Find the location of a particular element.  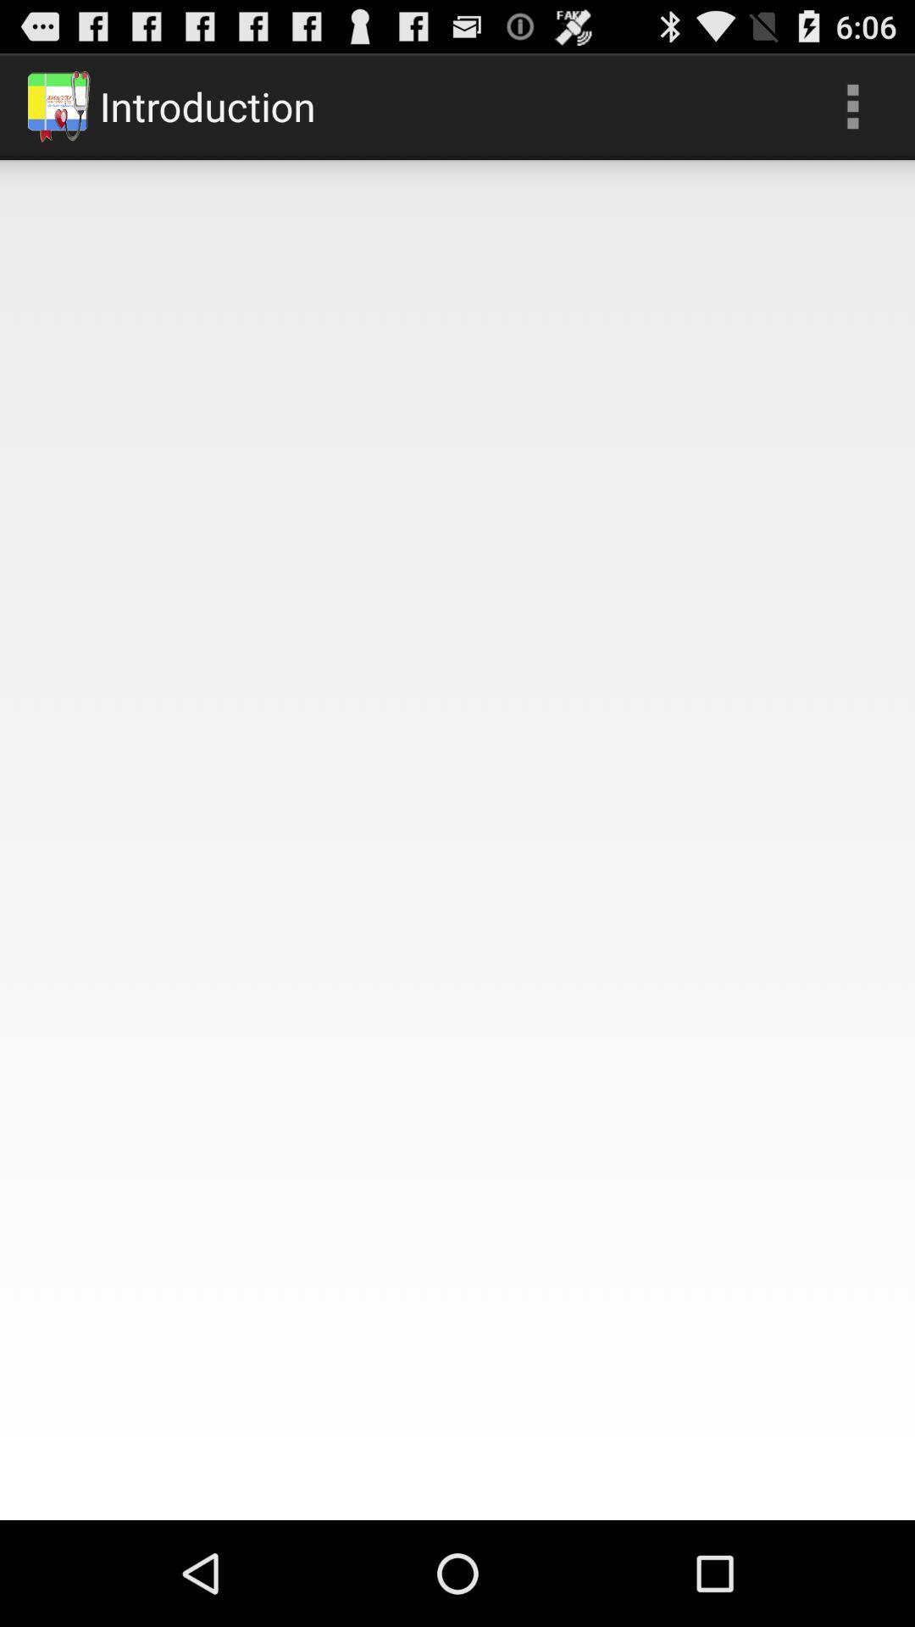

the item at the top right corner is located at coordinates (852, 105).